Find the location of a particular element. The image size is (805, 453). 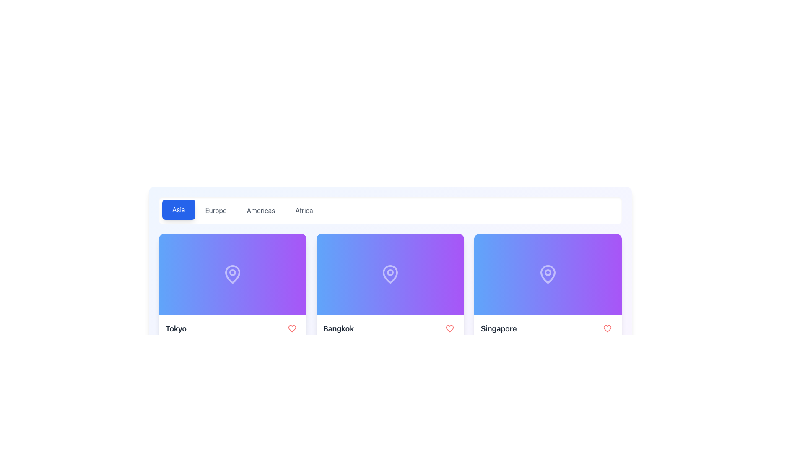

the 'Americas' tab button, the third tab in a horizontal set of four is located at coordinates (260, 210).